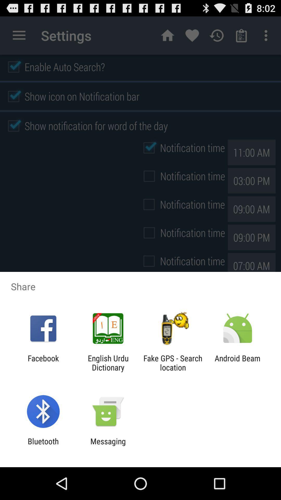  Describe the element at coordinates (238, 362) in the screenshot. I see `item to the right of the fake gps search app` at that location.